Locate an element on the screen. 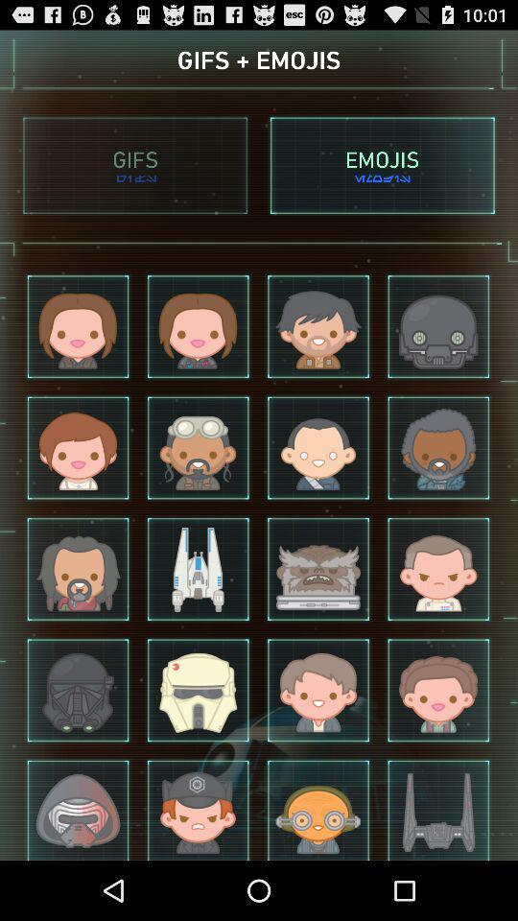 This screenshot has height=921, width=518. the 9th emoji is located at coordinates (78, 569).